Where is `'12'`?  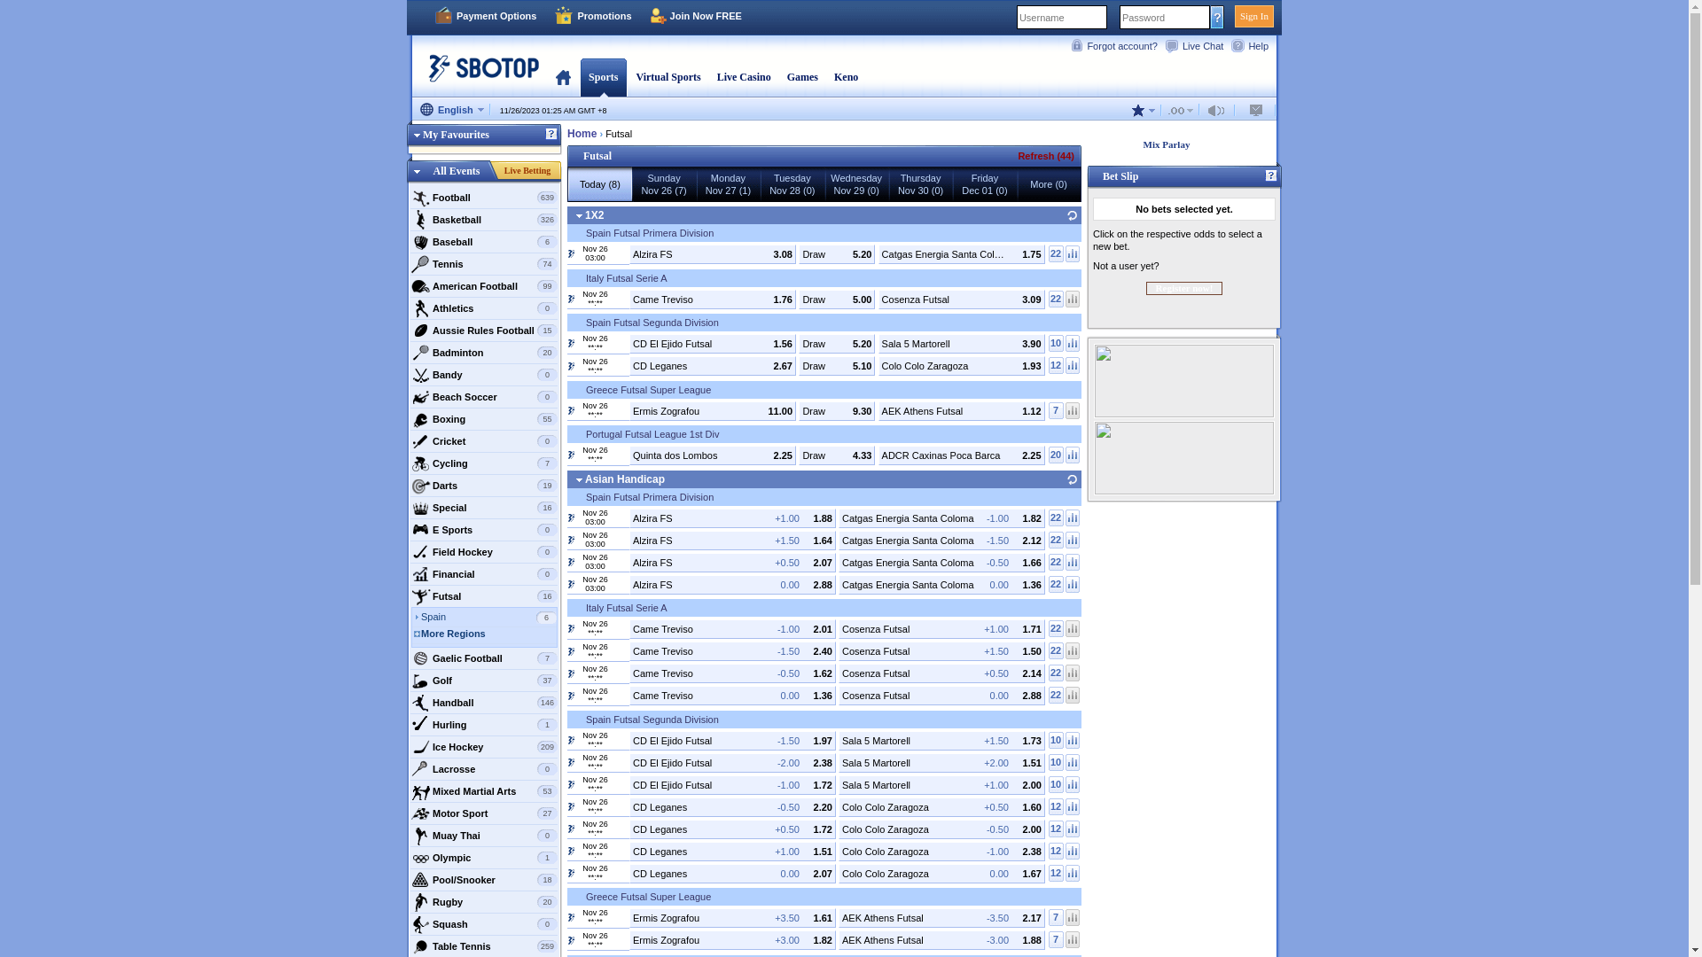
'12' is located at coordinates (1056, 805).